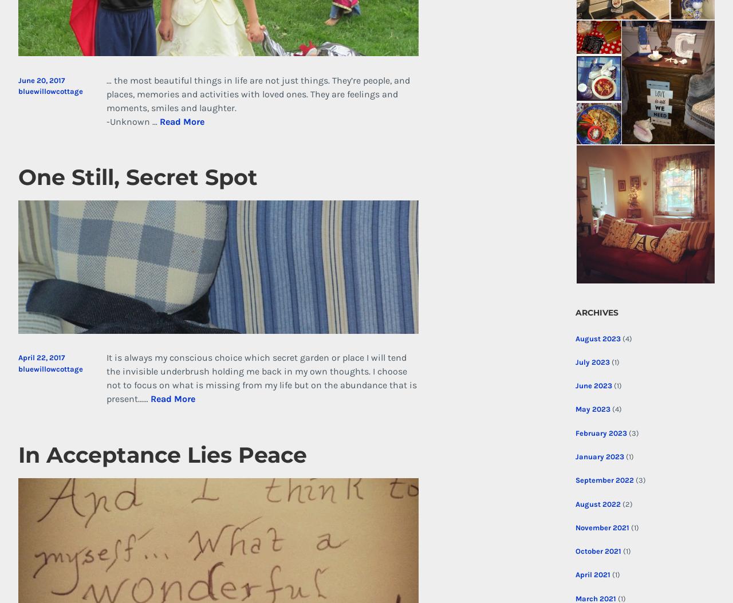 Image resolution: width=733 pixels, height=603 pixels. Describe the element at coordinates (601, 526) in the screenshot. I see `'November 2021'` at that location.